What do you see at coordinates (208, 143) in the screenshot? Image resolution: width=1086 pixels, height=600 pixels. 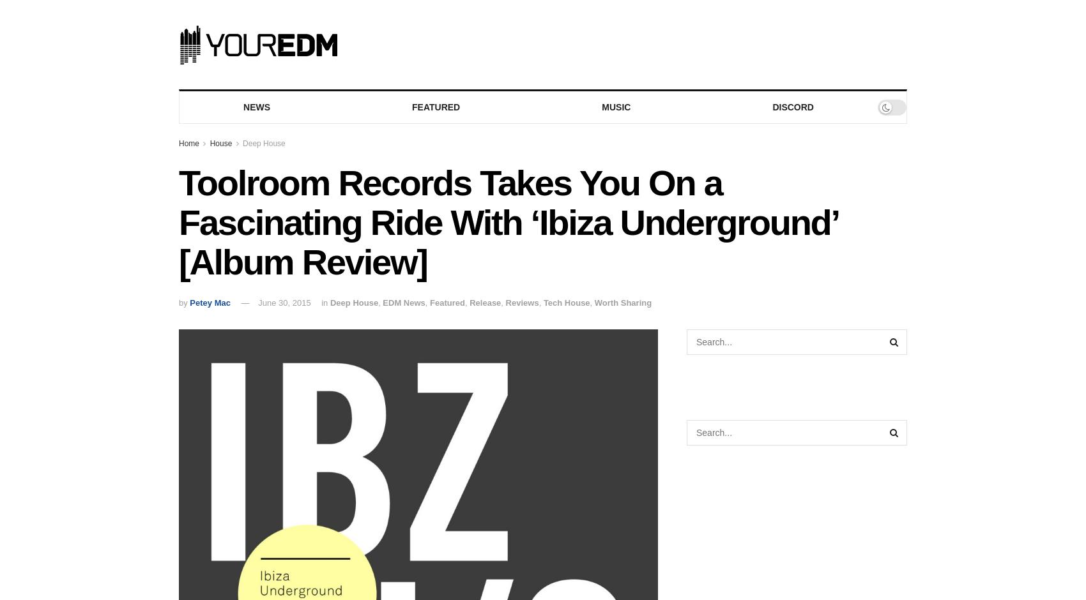 I see `'House'` at bounding box center [208, 143].